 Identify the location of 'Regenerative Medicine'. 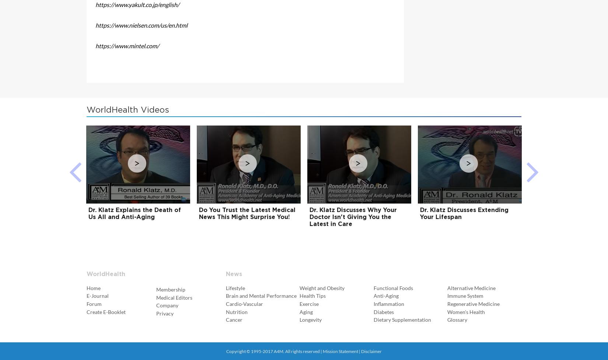
(473, 303).